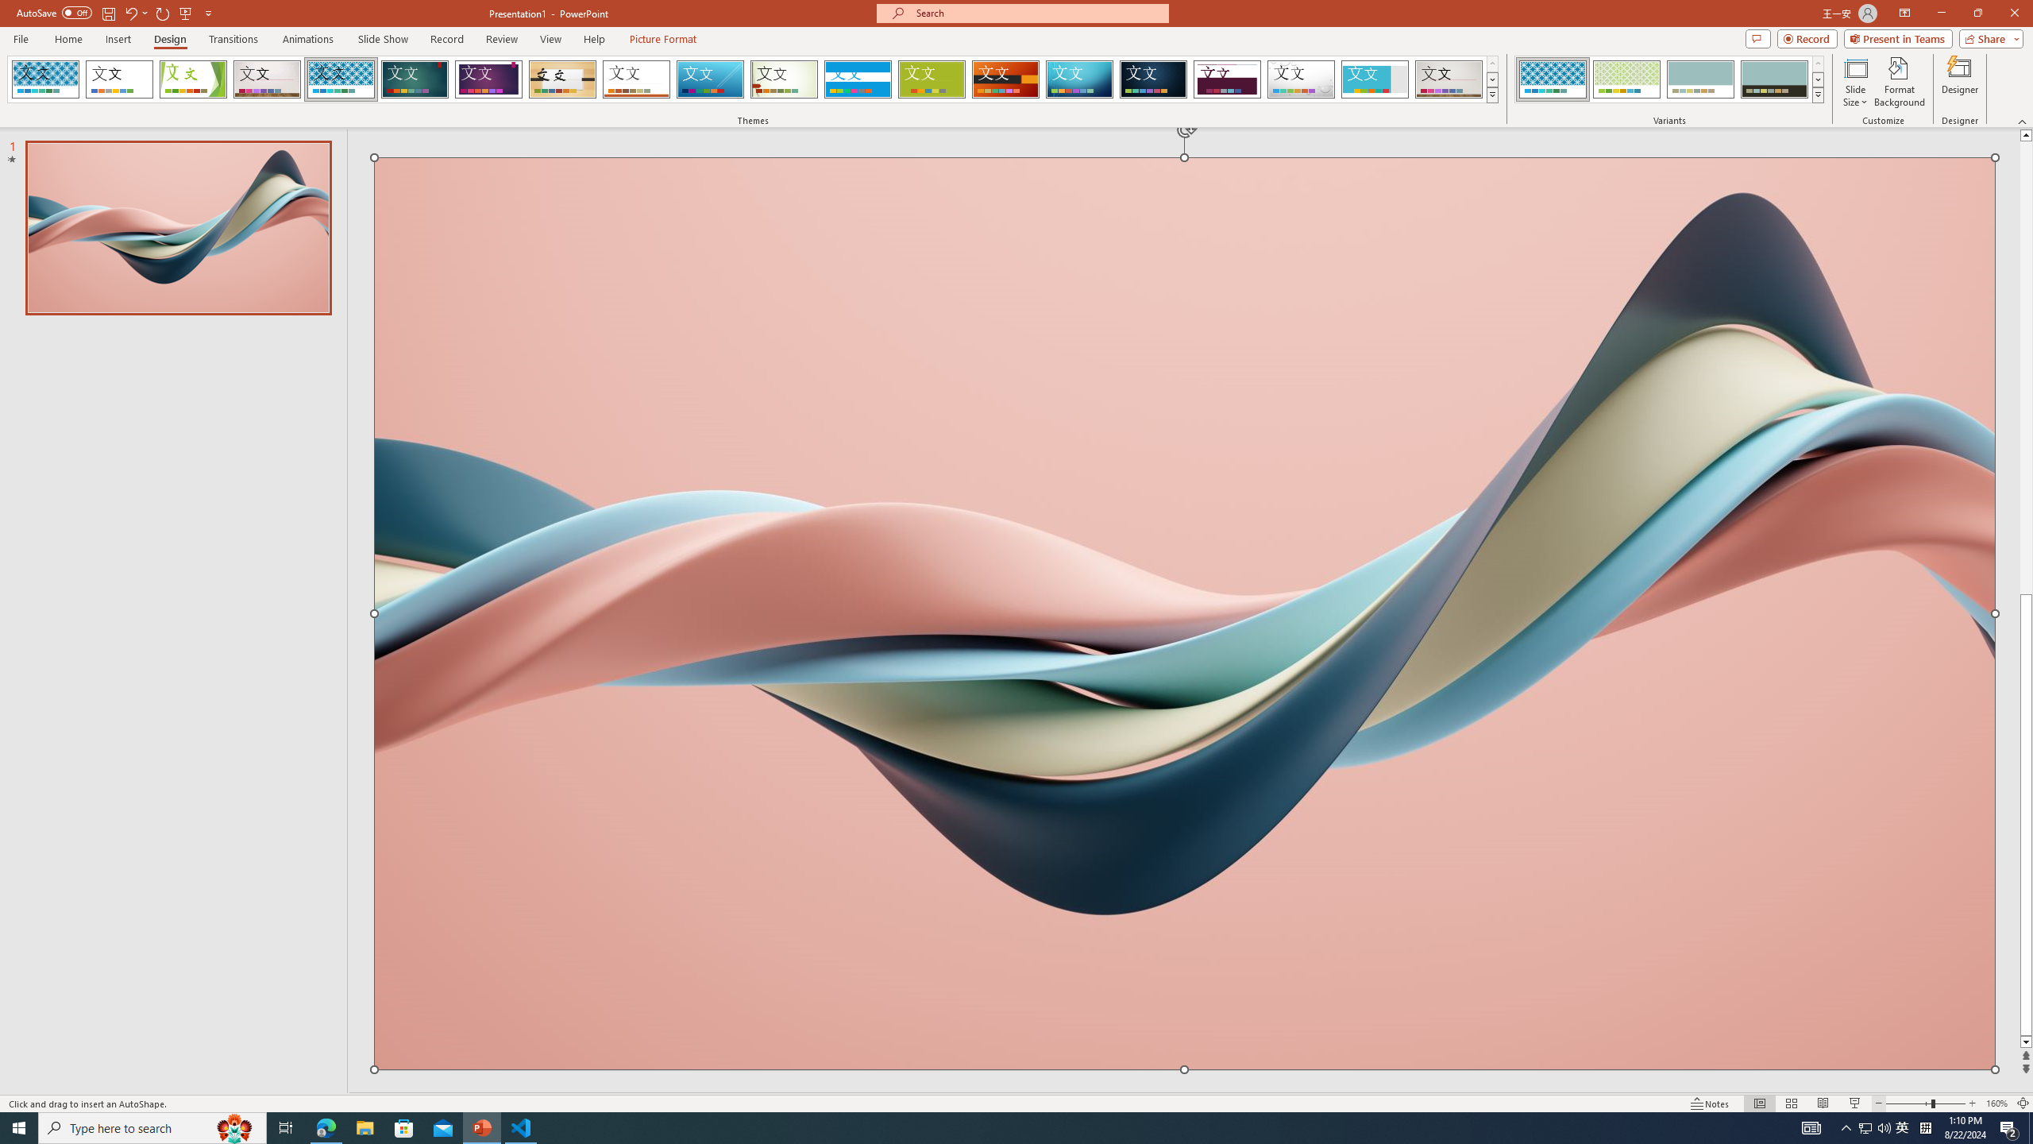 Image resolution: width=2033 pixels, height=1144 pixels. Describe the element at coordinates (414, 79) in the screenshot. I see `'Ion'` at that location.